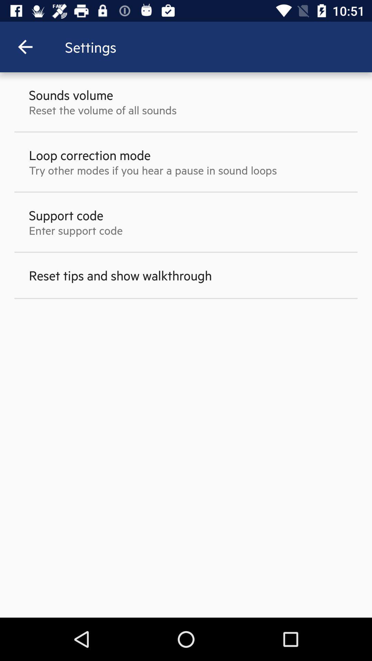  What do you see at coordinates (120, 275) in the screenshot?
I see `the icon below enter support code item` at bounding box center [120, 275].